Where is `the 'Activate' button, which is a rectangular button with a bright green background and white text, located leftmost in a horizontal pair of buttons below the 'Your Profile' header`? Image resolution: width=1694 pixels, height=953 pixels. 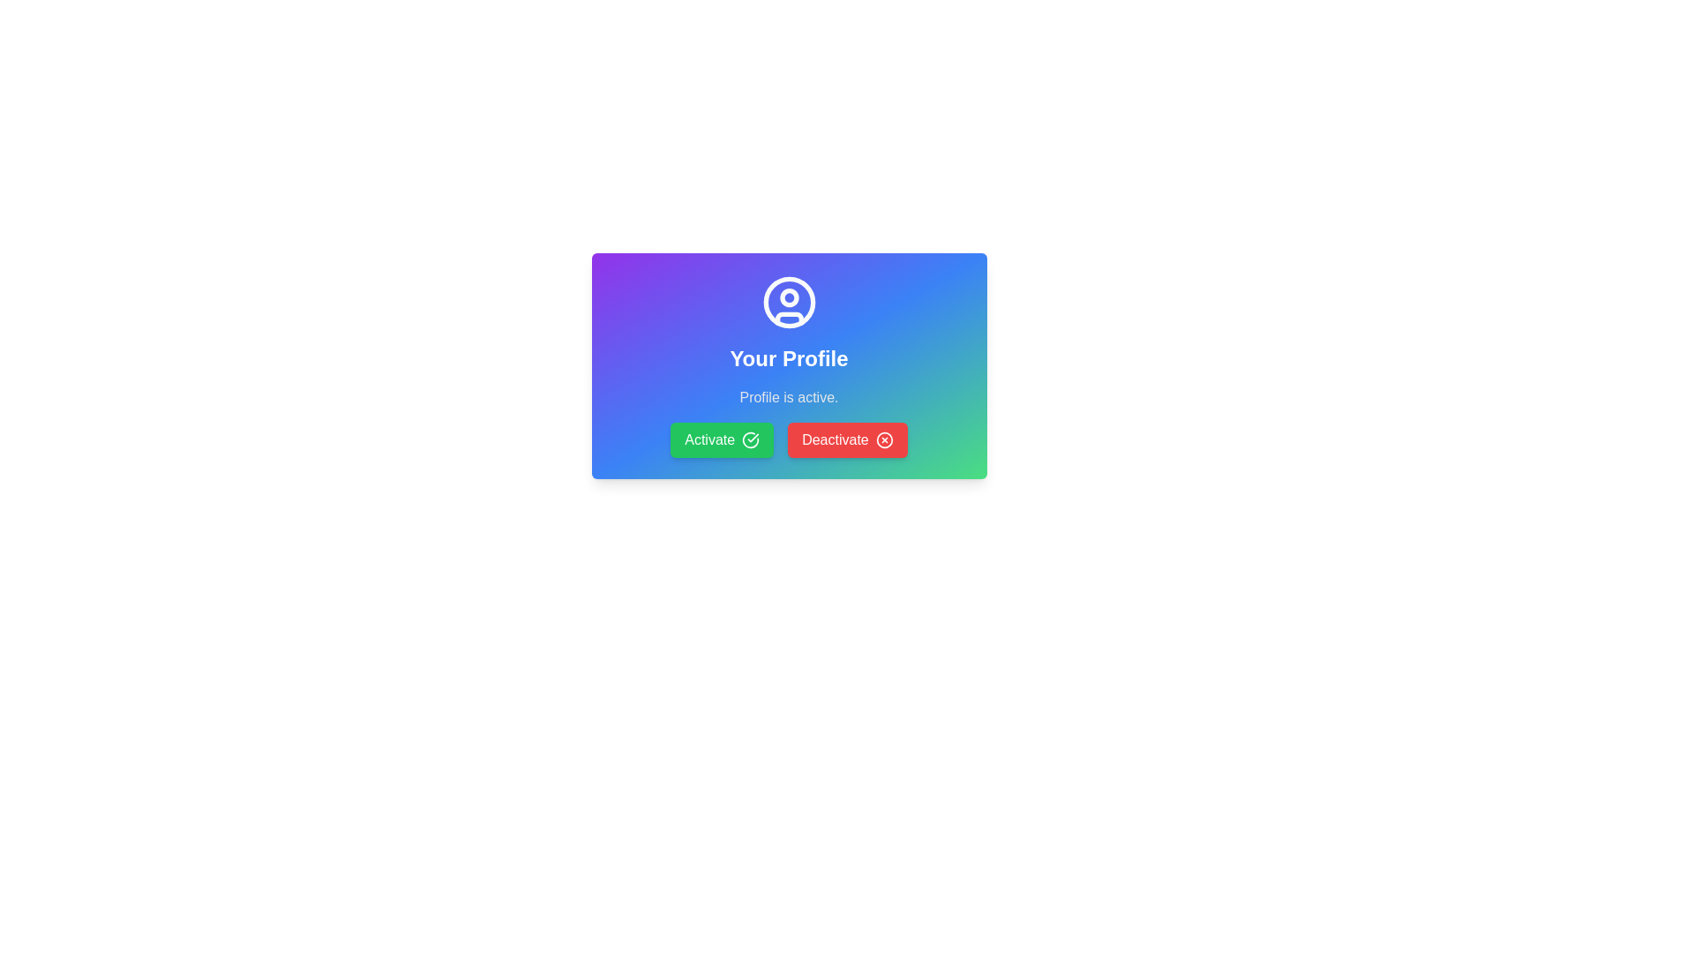
the 'Activate' button, which is a rectangular button with a bright green background and white text, located leftmost in a horizontal pair of buttons below the 'Your Profile' header is located at coordinates (722, 439).